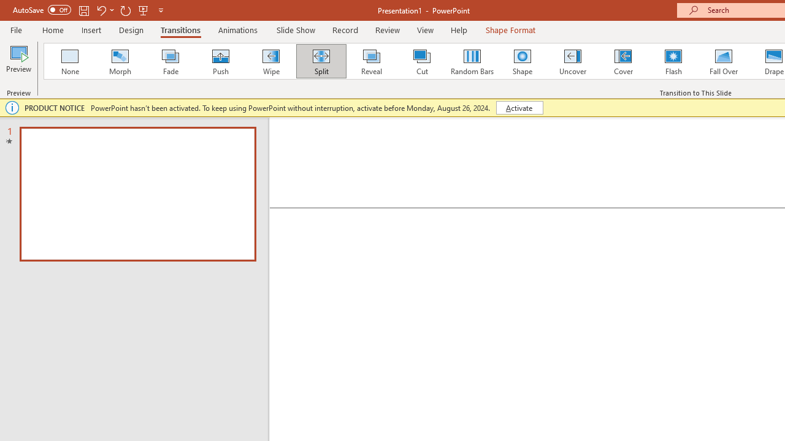  What do you see at coordinates (220, 61) in the screenshot?
I see `'Push'` at bounding box center [220, 61].